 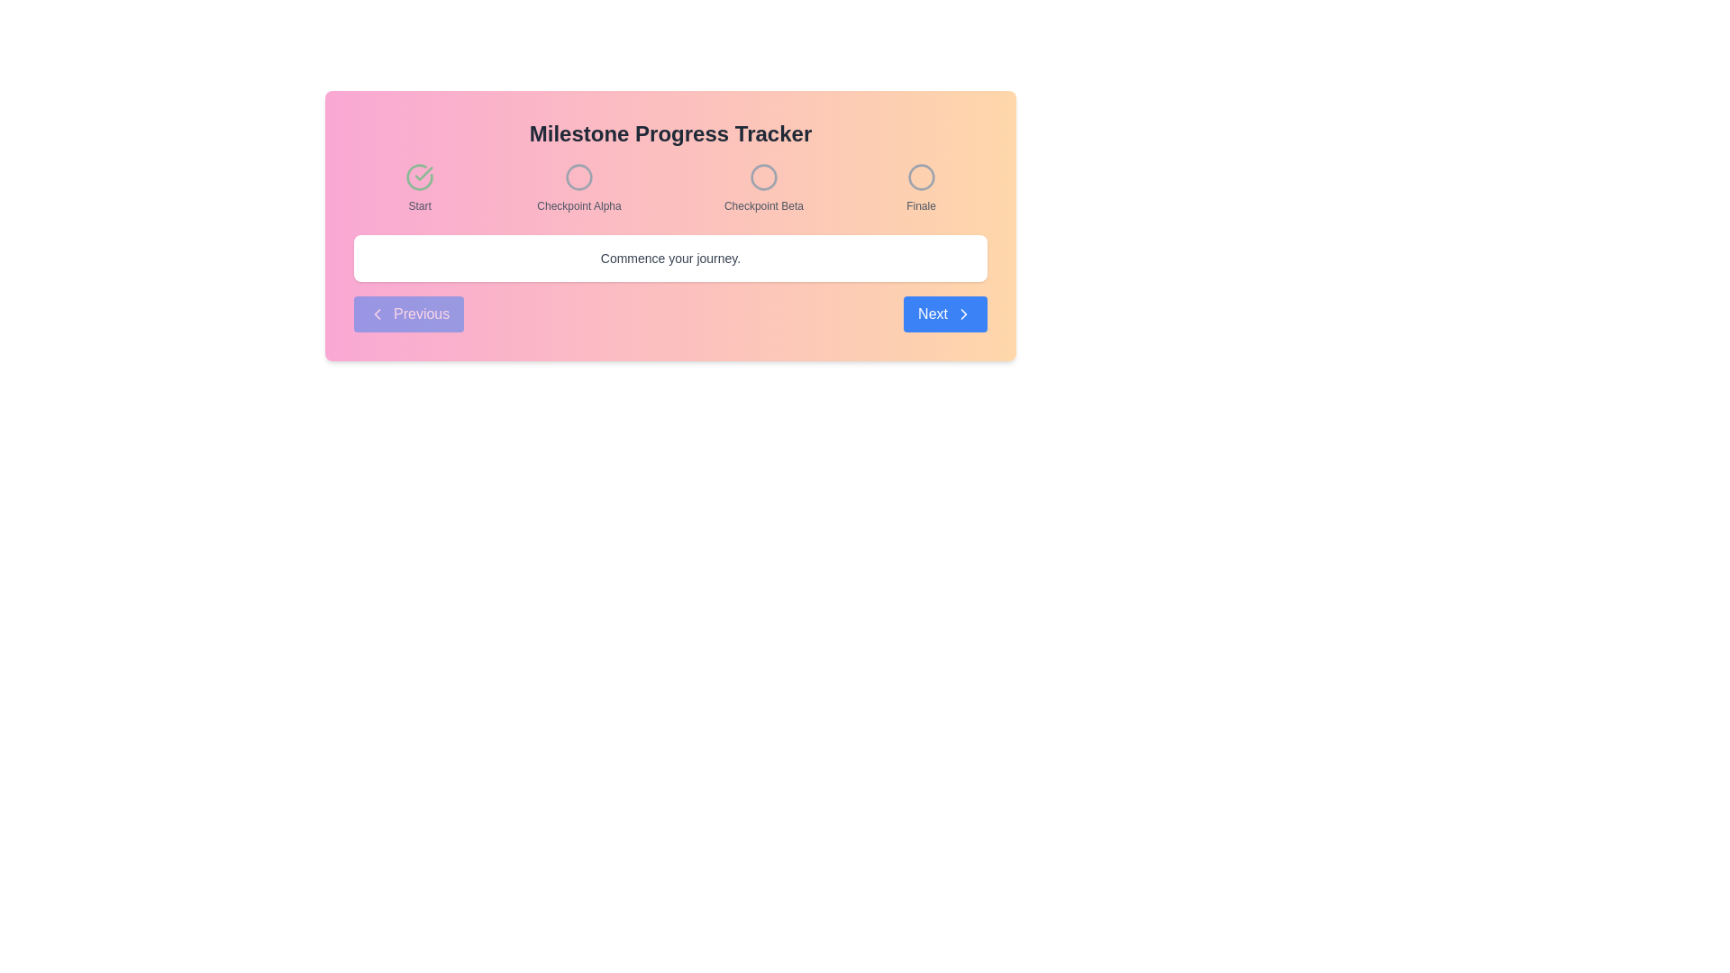 I want to click on the informational text element located at the bottom center of the white box with rounded corners and shadow, which guides users on the next steps in the current process, so click(x=669, y=258).